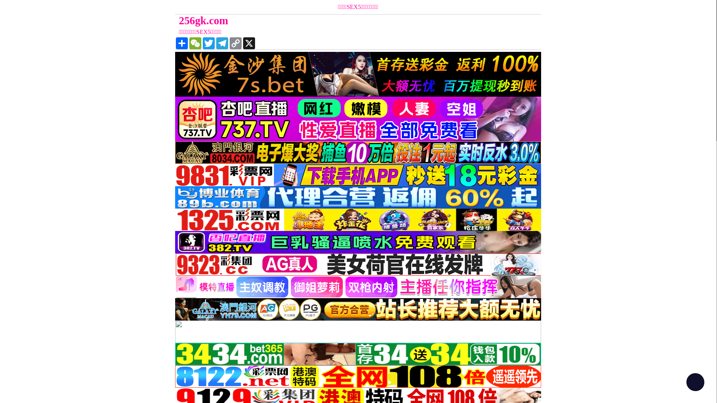  What do you see at coordinates (222, 43) in the screenshot?
I see `'Telegram'` at bounding box center [222, 43].